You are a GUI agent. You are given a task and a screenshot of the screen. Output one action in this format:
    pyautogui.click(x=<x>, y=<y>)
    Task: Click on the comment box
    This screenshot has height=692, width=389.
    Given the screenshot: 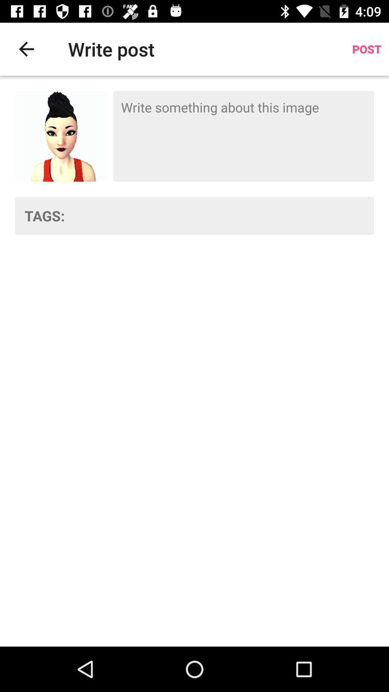 What is the action you would take?
    pyautogui.click(x=243, y=136)
    